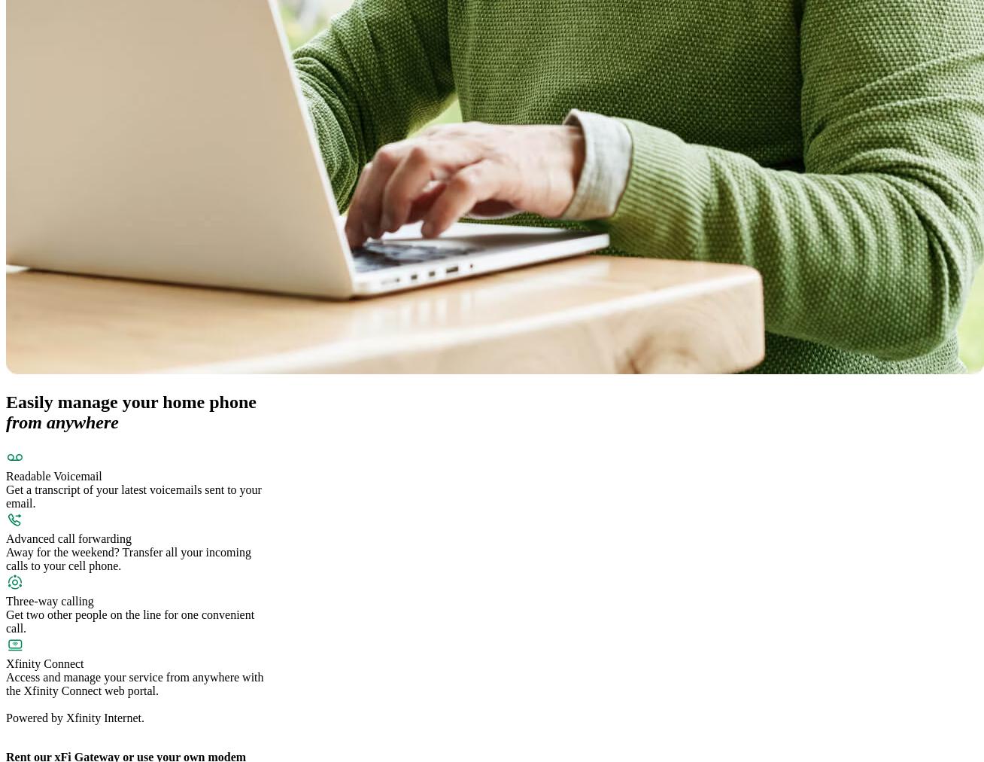  I want to click on 'Get a transcript of your latest voicemails sent to your email.', so click(133, 496).